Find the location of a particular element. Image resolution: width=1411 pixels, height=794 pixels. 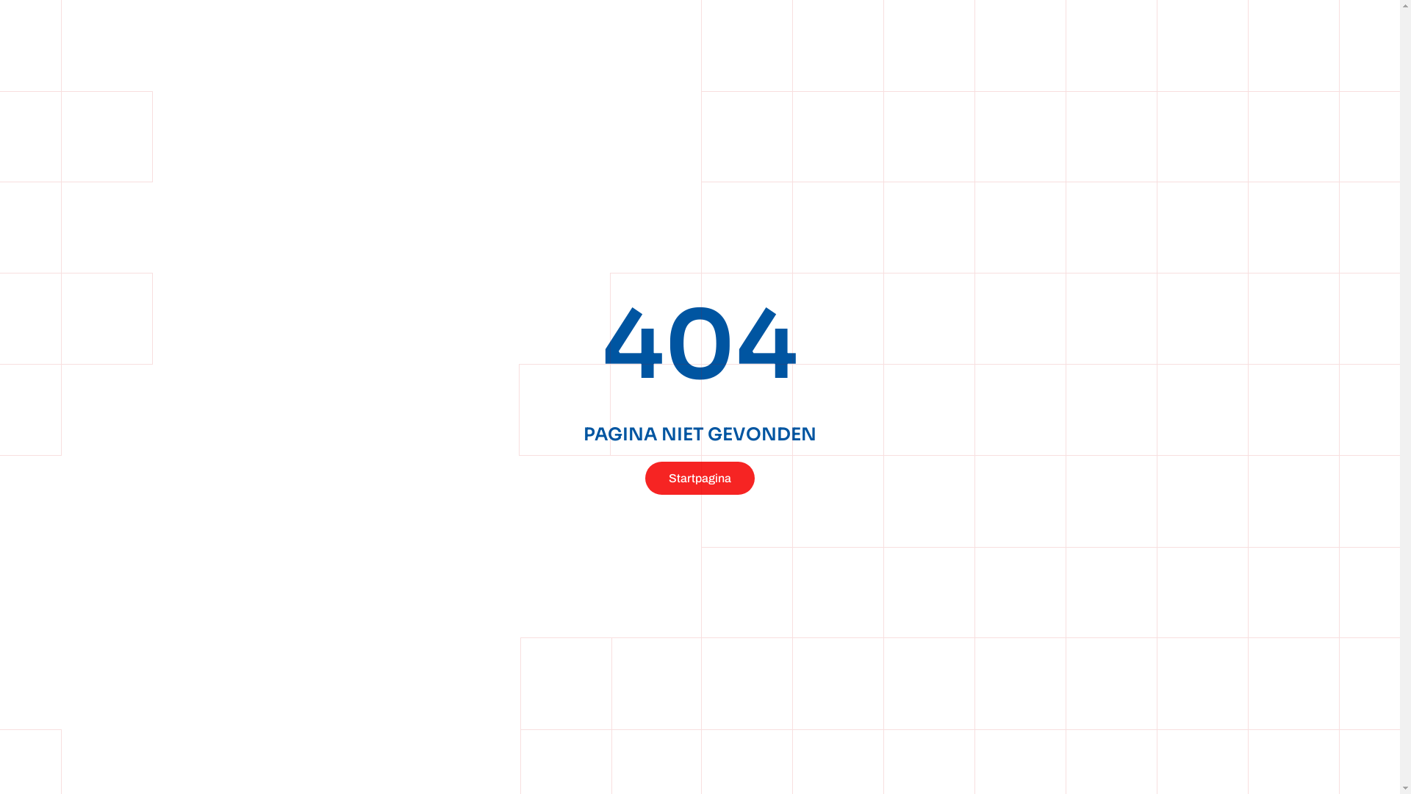

'Startpagina' is located at coordinates (699, 478).